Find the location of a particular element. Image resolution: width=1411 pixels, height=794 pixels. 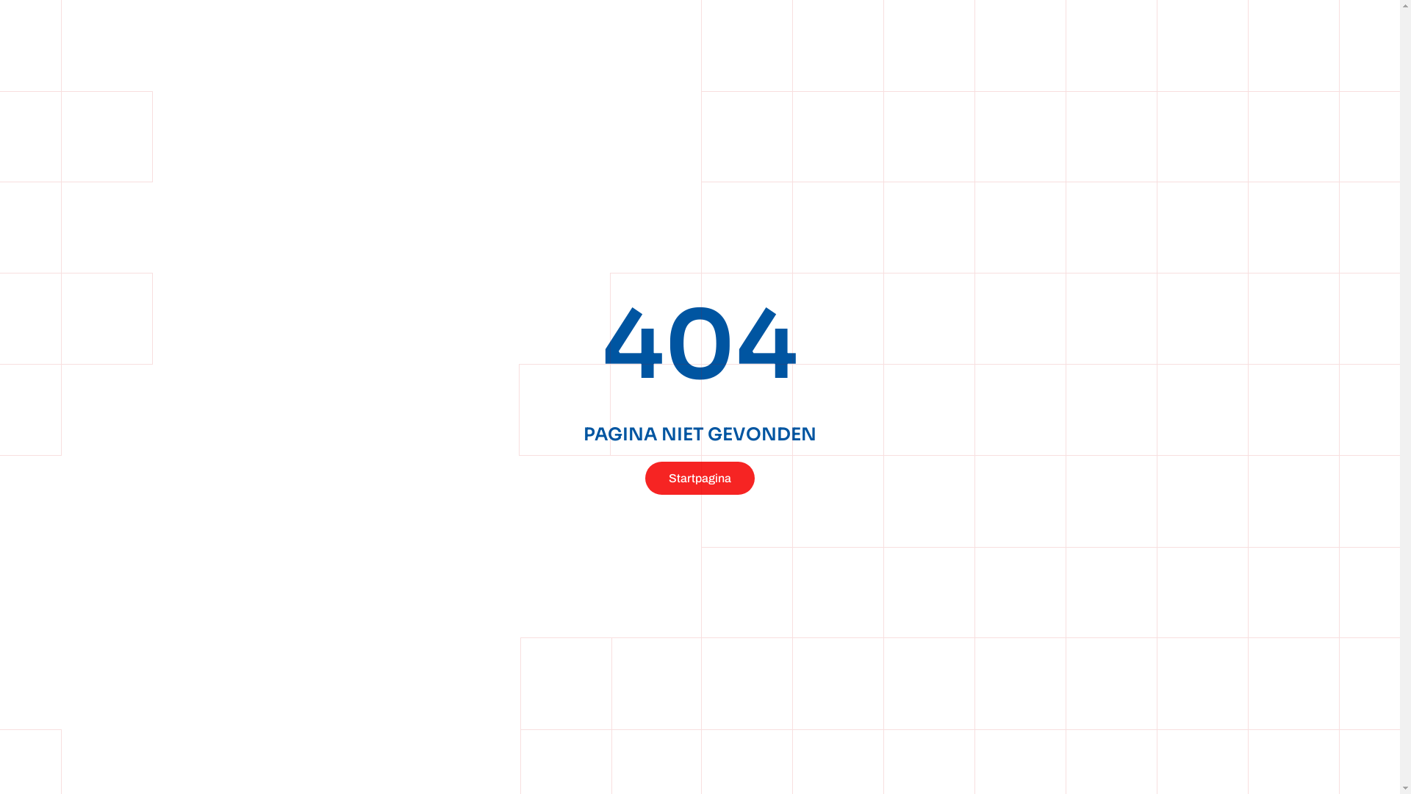

'Startpagina' is located at coordinates (699, 478).